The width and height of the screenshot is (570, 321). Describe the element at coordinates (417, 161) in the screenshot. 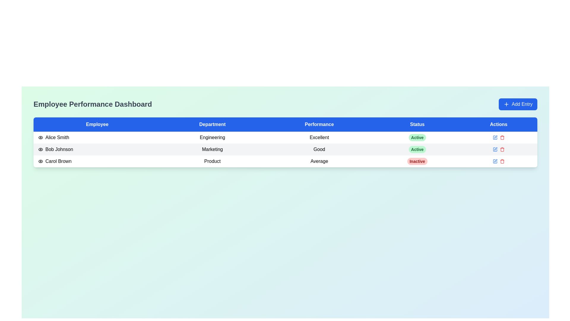

I see `the 'Inactive' status label indicating user 'Carol Brown' in the Employee Performance Dashboard, which has bold red text and a light red background` at that location.